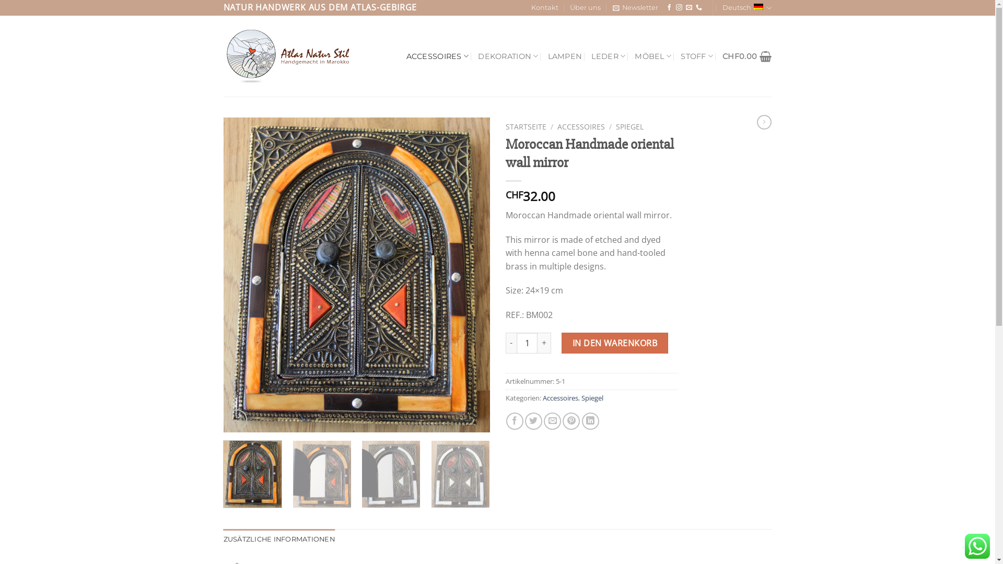 This screenshot has height=564, width=1003. I want to click on 'DEKORATION', so click(508, 56).